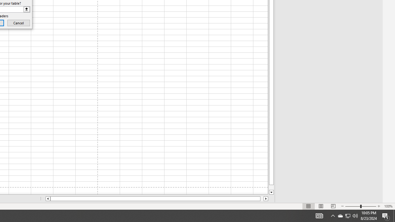  What do you see at coordinates (360, 206) in the screenshot?
I see `'Zoom'` at bounding box center [360, 206].